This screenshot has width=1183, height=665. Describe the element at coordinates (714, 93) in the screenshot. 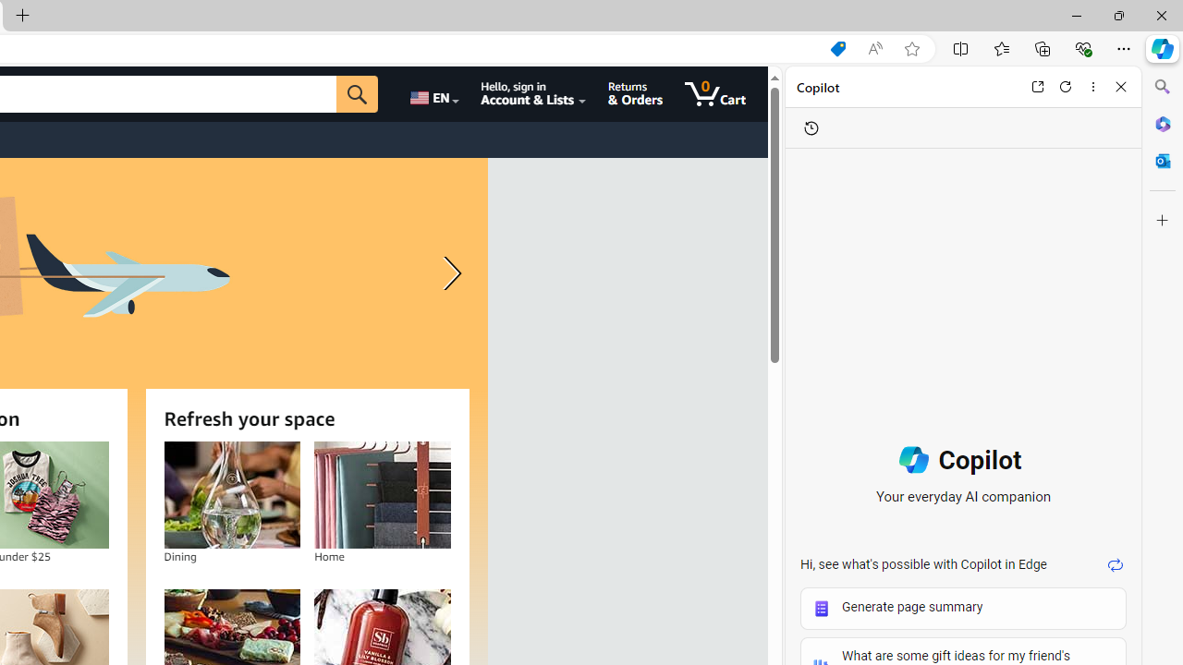

I see `'0 items in cart'` at that location.